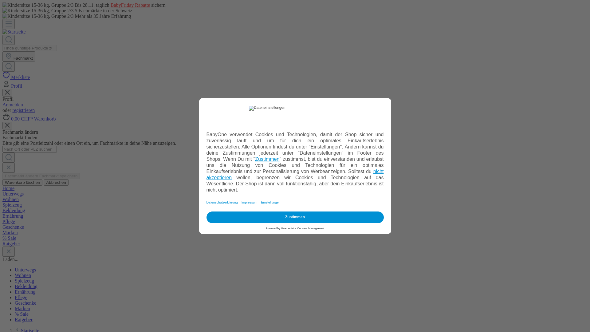  What do you see at coordinates (2, 32) in the screenshot?
I see `'Startseite'` at bounding box center [2, 32].